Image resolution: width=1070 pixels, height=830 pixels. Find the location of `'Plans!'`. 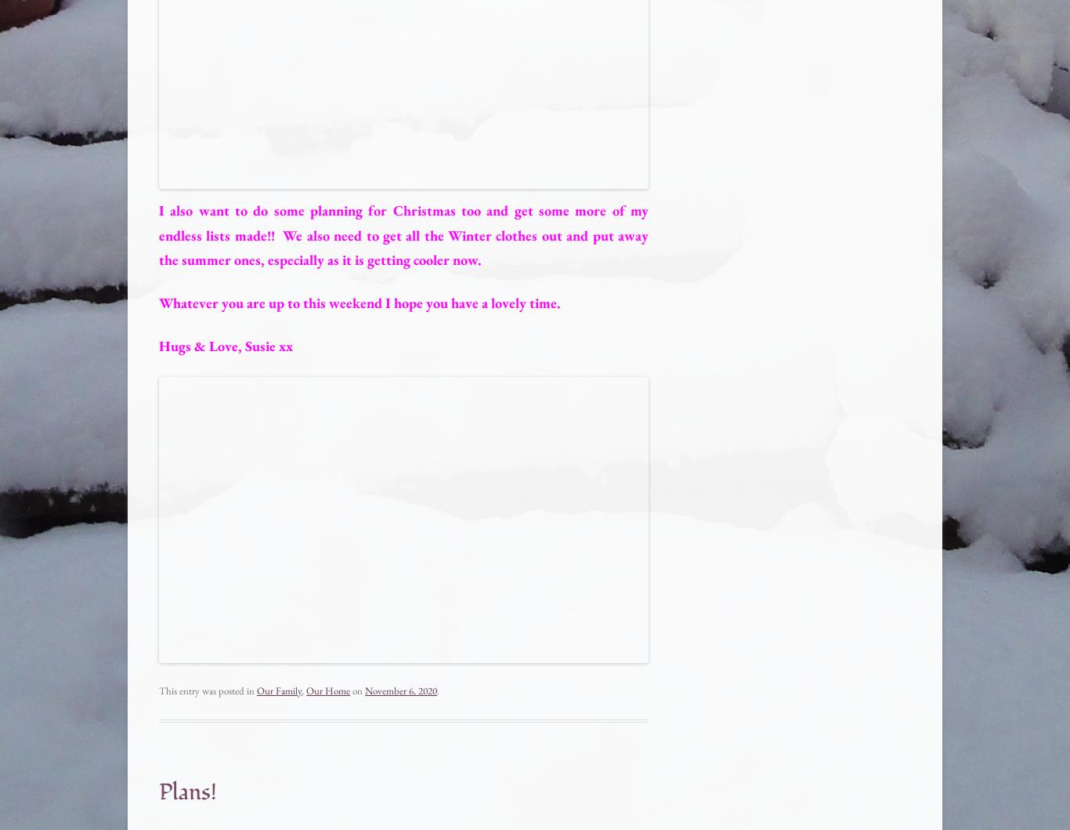

'Plans!' is located at coordinates (188, 792).